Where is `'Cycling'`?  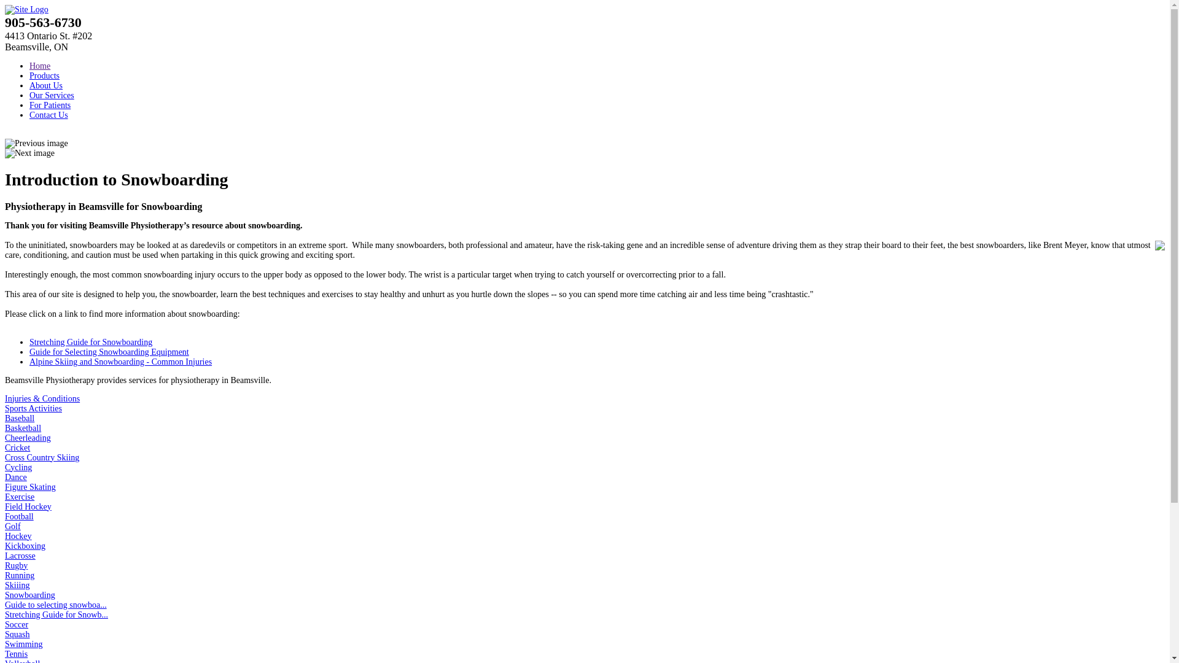
'Cycling' is located at coordinates (18, 467).